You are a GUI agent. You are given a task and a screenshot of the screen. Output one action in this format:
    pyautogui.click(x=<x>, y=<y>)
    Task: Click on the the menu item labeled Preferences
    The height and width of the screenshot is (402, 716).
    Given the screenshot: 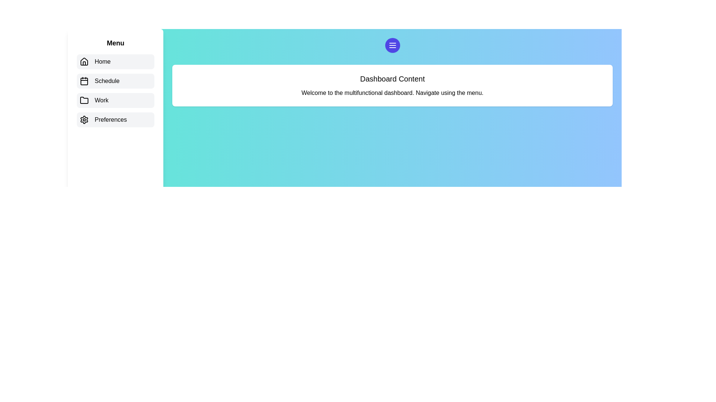 What is the action you would take?
    pyautogui.click(x=115, y=119)
    